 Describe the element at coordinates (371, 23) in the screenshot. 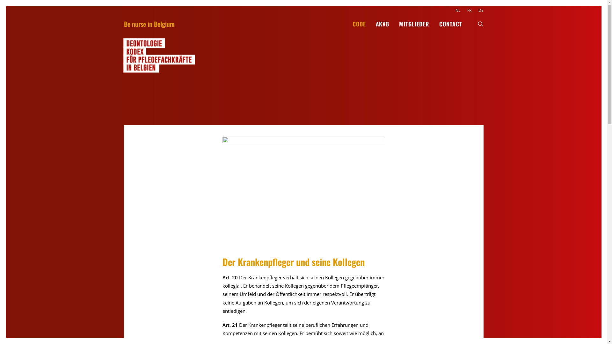

I see `'AKVB'` at that location.